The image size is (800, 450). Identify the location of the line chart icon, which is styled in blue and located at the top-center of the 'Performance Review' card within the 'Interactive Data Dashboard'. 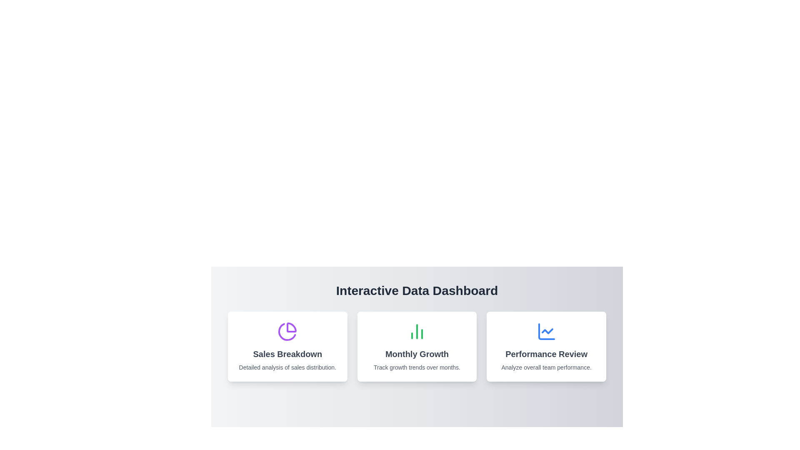
(546, 331).